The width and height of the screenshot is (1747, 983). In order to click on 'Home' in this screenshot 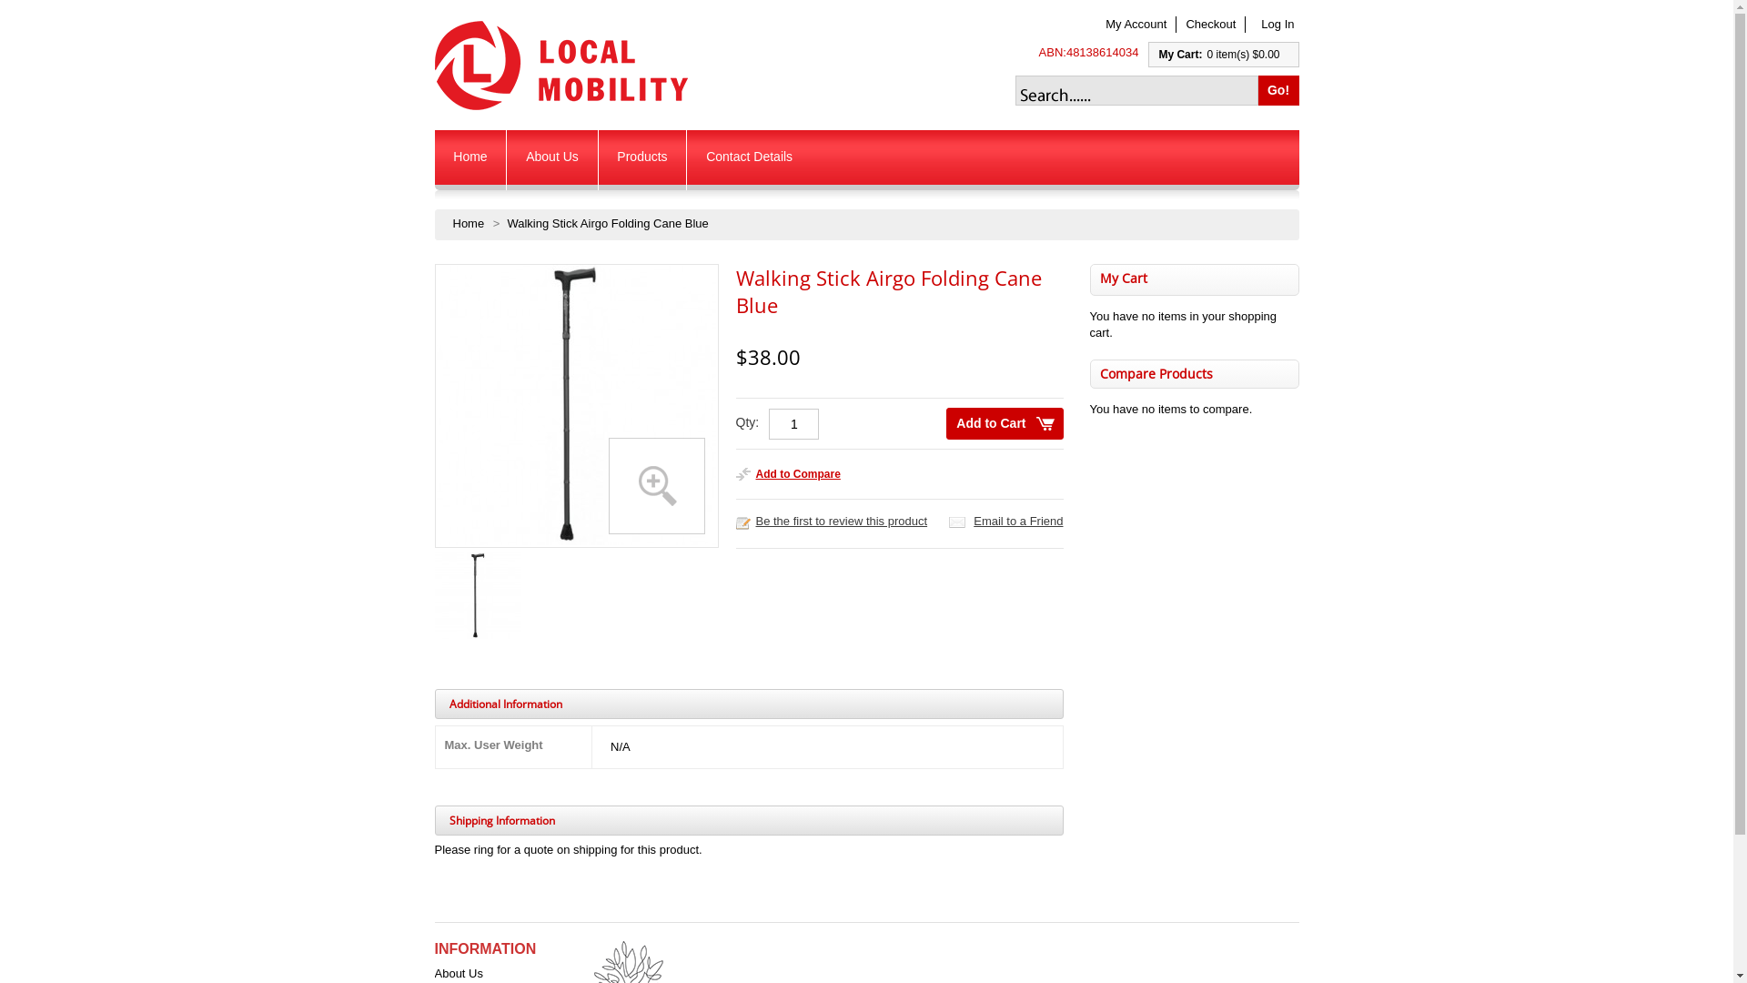, I will do `click(470, 159)`.